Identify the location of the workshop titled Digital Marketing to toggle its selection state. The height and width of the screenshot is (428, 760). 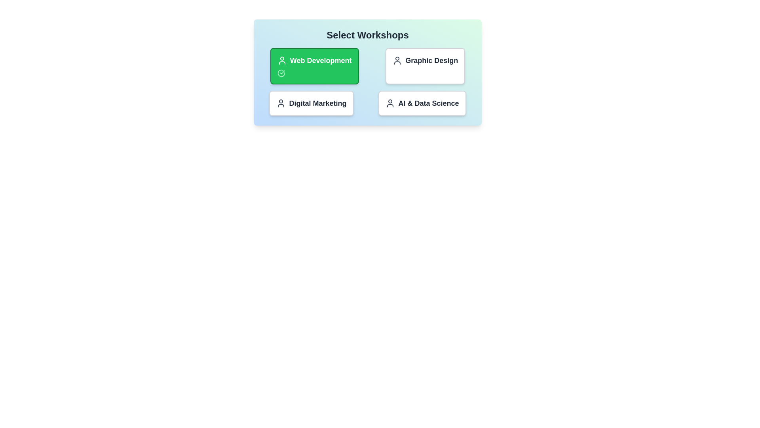
(311, 103).